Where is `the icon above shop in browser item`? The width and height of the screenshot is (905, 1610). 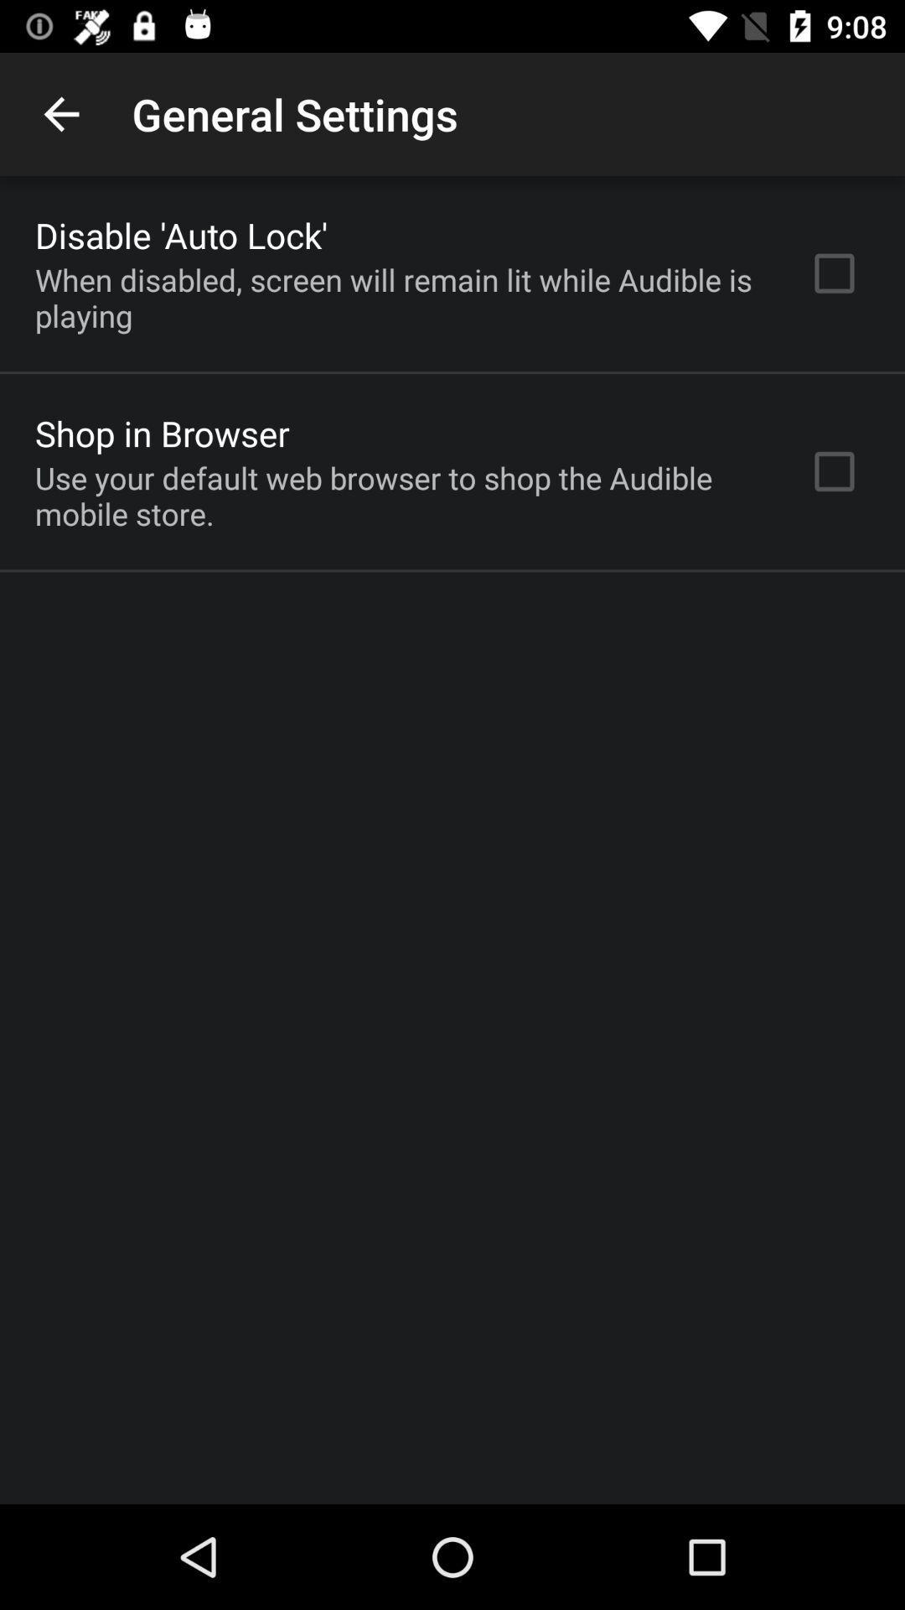 the icon above shop in browser item is located at coordinates (400, 298).